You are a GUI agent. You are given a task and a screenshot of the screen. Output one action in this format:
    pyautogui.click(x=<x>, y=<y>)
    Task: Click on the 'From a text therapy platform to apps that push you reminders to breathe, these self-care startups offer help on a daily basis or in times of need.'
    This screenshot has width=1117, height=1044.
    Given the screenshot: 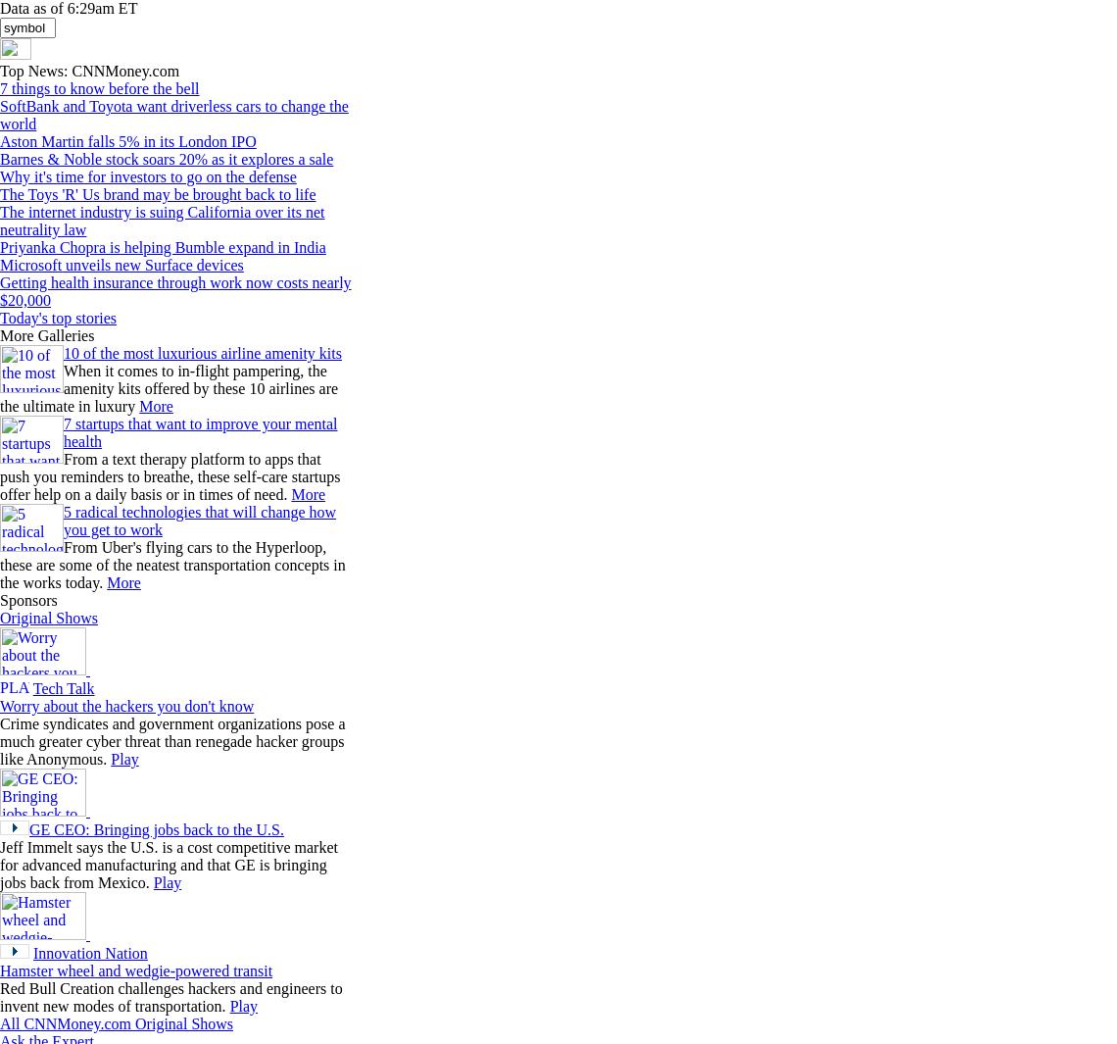 What is the action you would take?
    pyautogui.click(x=170, y=475)
    